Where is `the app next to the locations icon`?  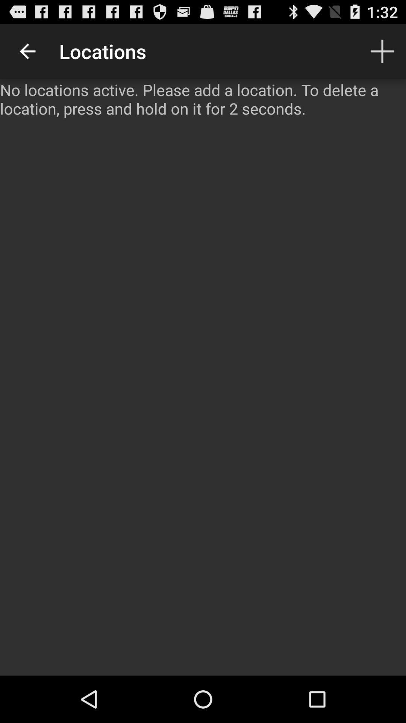 the app next to the locations icon is located at coordinates (27, 51).